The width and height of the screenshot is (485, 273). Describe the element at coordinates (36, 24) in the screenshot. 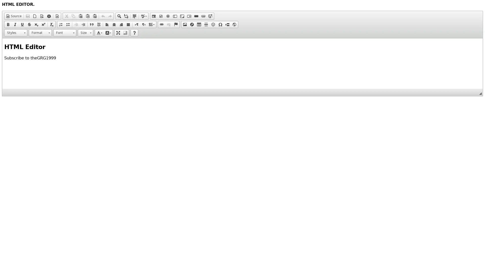

I see `Subscript` at that location.